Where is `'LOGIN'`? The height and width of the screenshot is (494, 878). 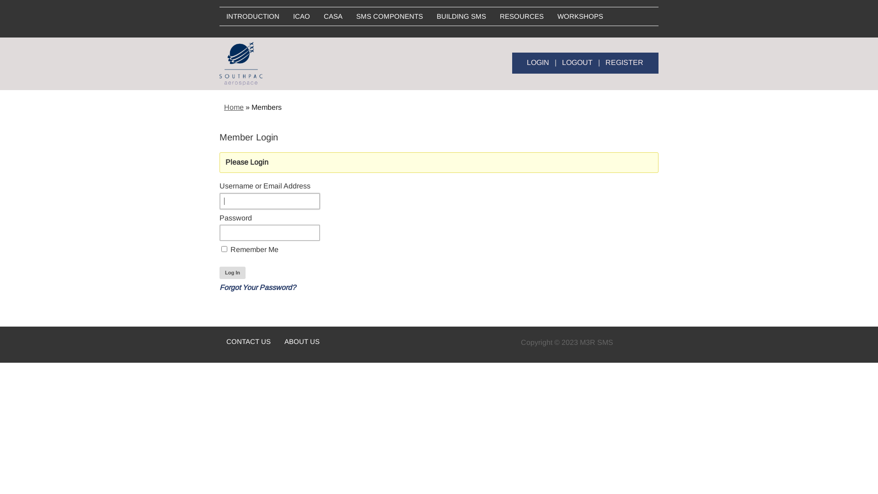
'LOGIN' is located at coordinates (538, 62).